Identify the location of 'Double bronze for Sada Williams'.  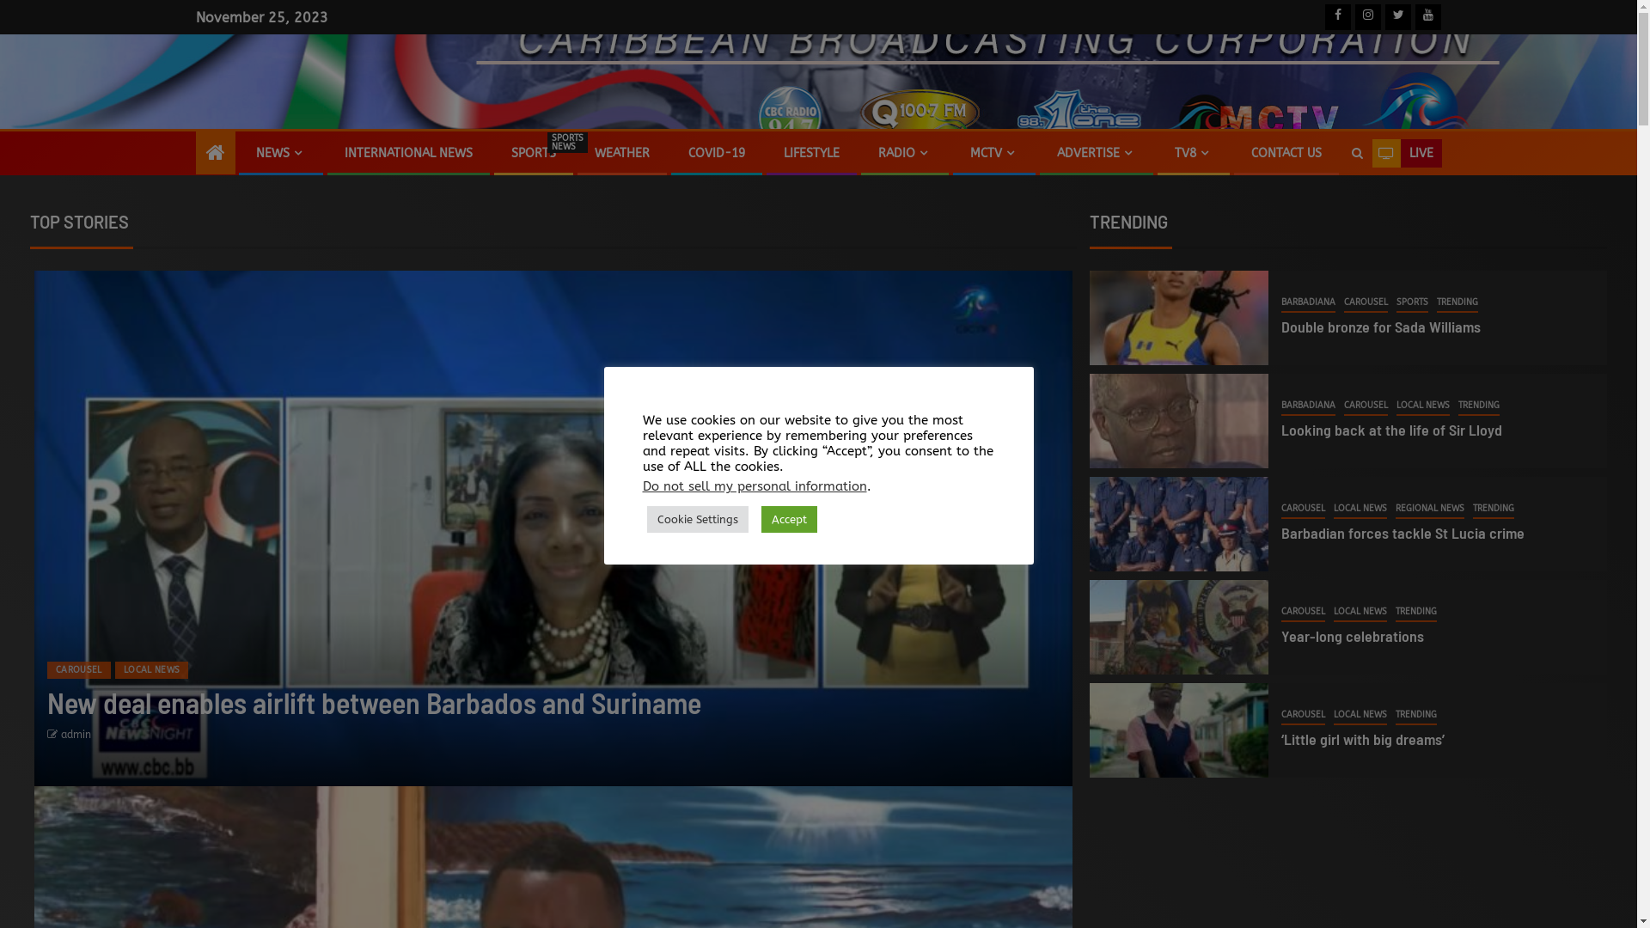
(1381, 327).